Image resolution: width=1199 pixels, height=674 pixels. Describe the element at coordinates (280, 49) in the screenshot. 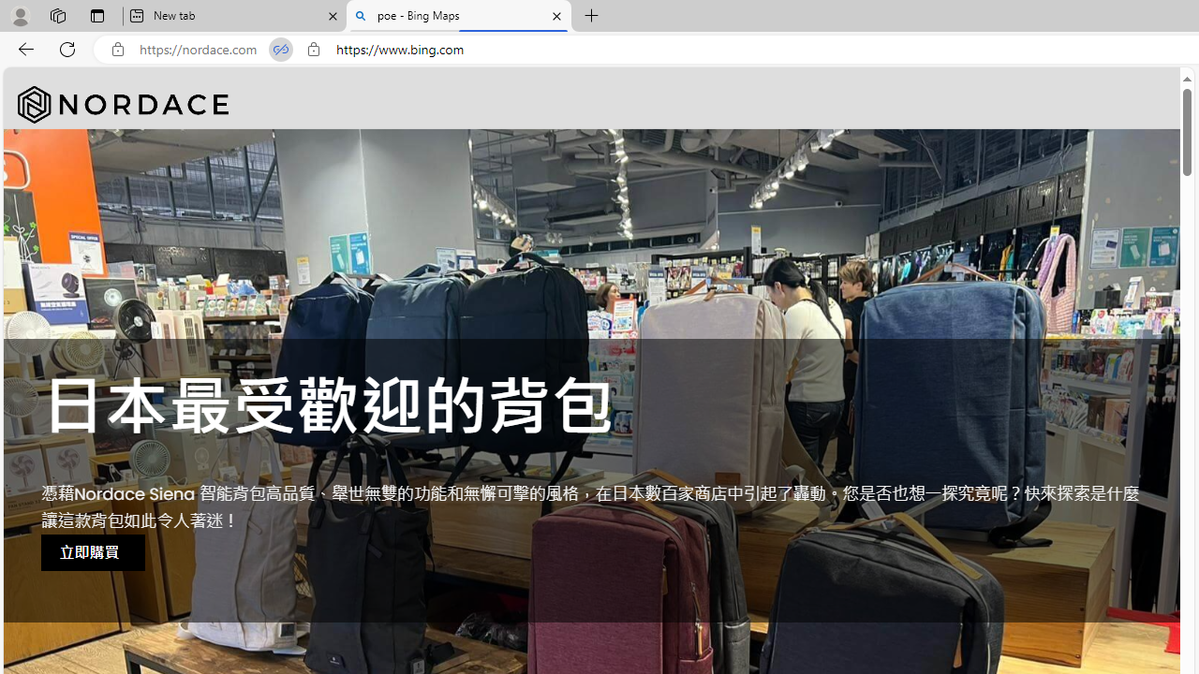

I see `'Tabs in split screen'` at that location.